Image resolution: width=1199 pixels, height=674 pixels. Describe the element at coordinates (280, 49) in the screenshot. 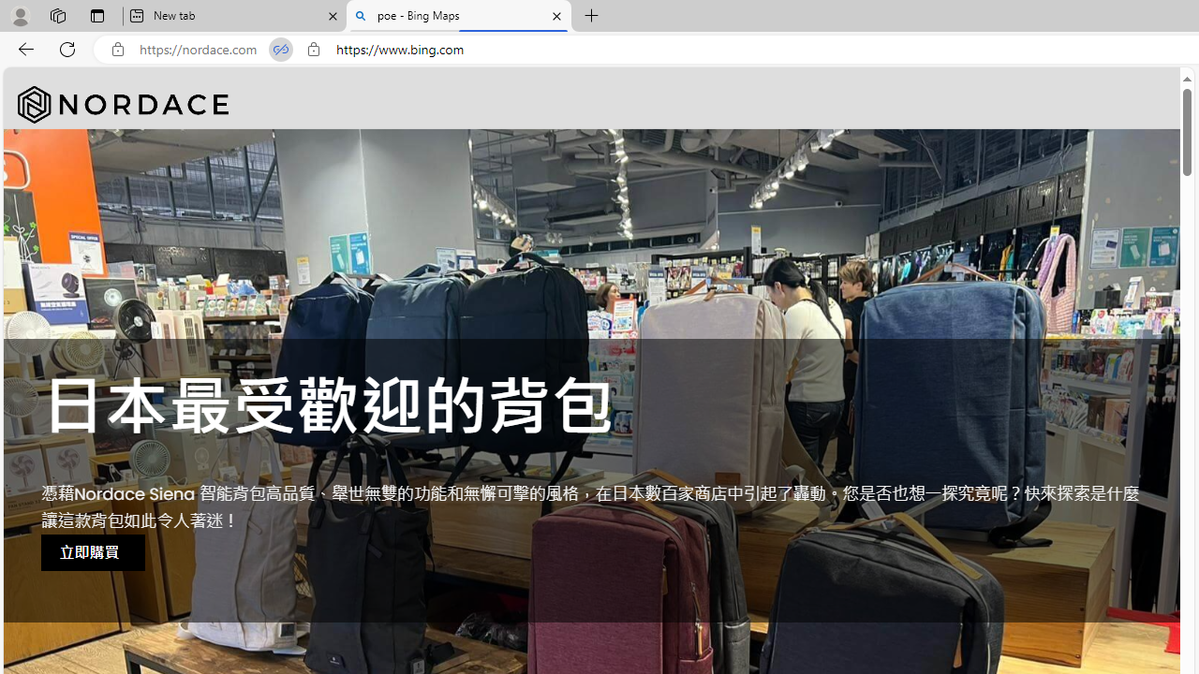

I see `'Tabs in split screen'` at that location.